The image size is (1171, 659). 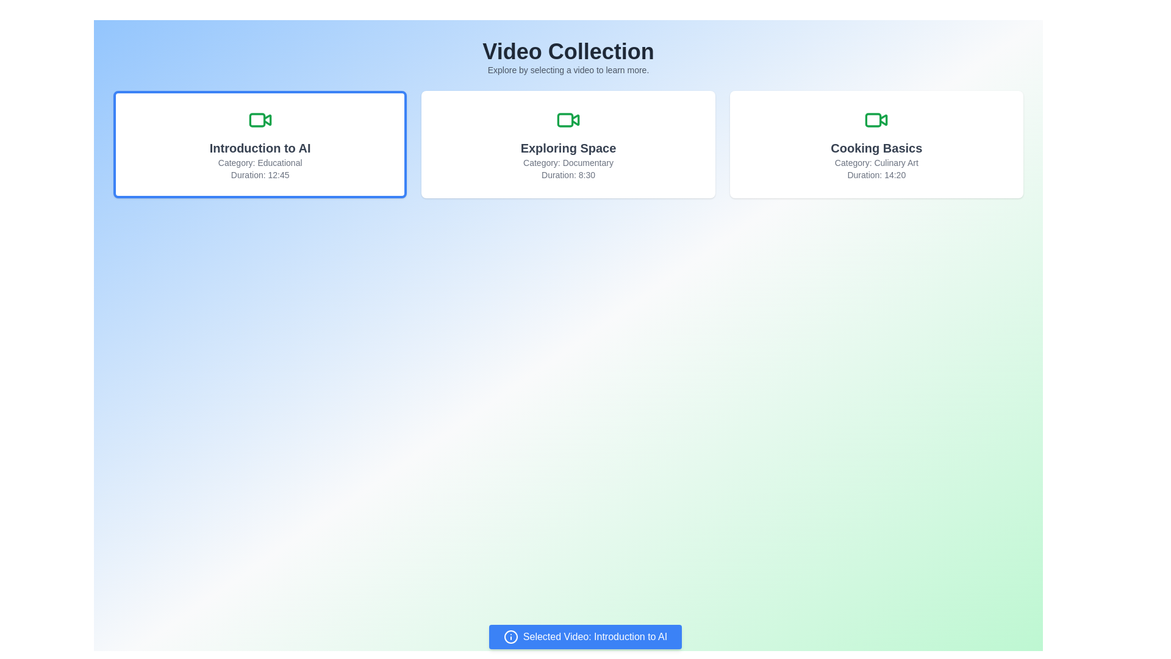 I want to click on instructional text 'Explore by selecting a video to learn more.' located directly beneath the main heading 'Video Collection', so click(x=567, y=70).